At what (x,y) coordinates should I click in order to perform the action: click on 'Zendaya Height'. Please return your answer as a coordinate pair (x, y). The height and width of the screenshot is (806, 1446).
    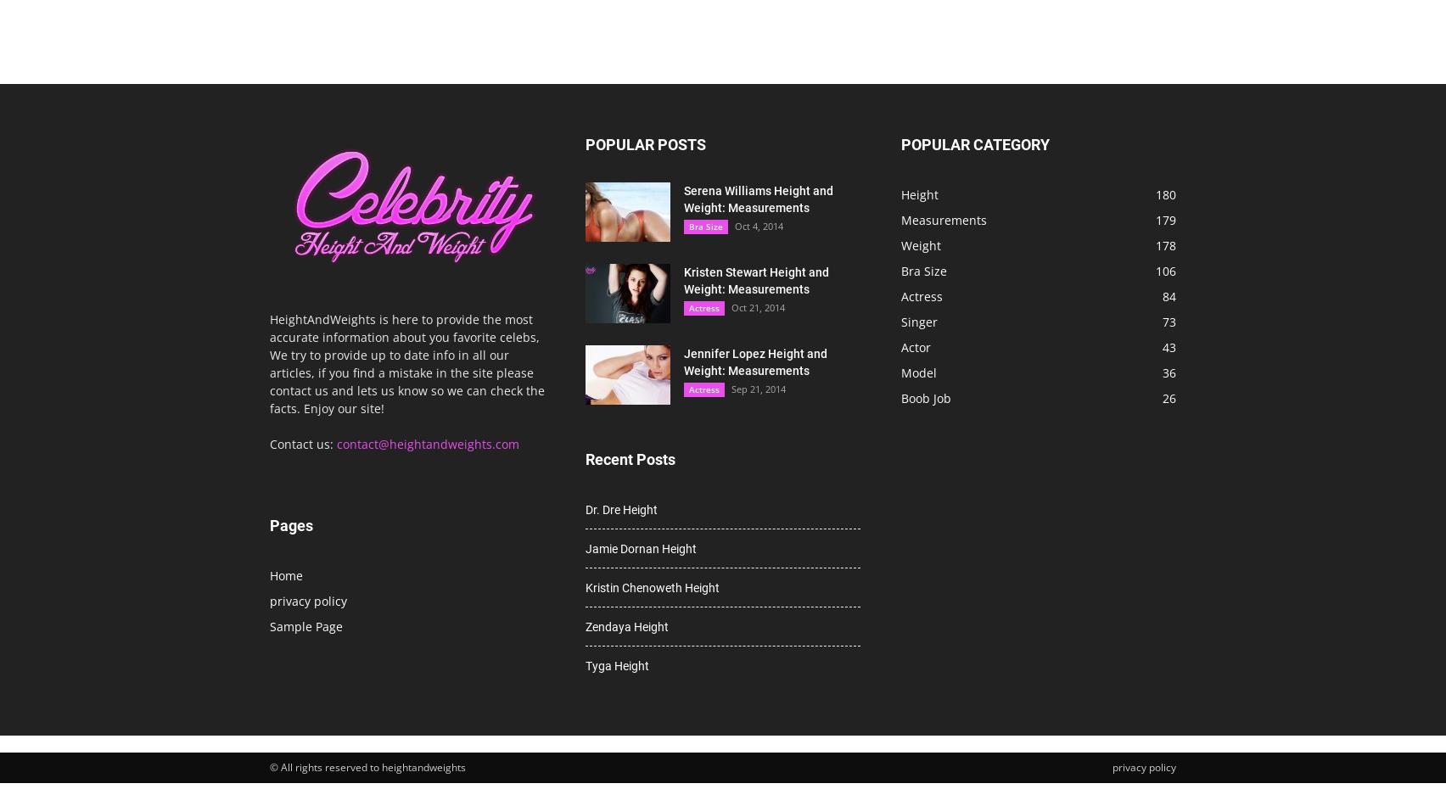
    Looking at the image, I should click on (584, 626).